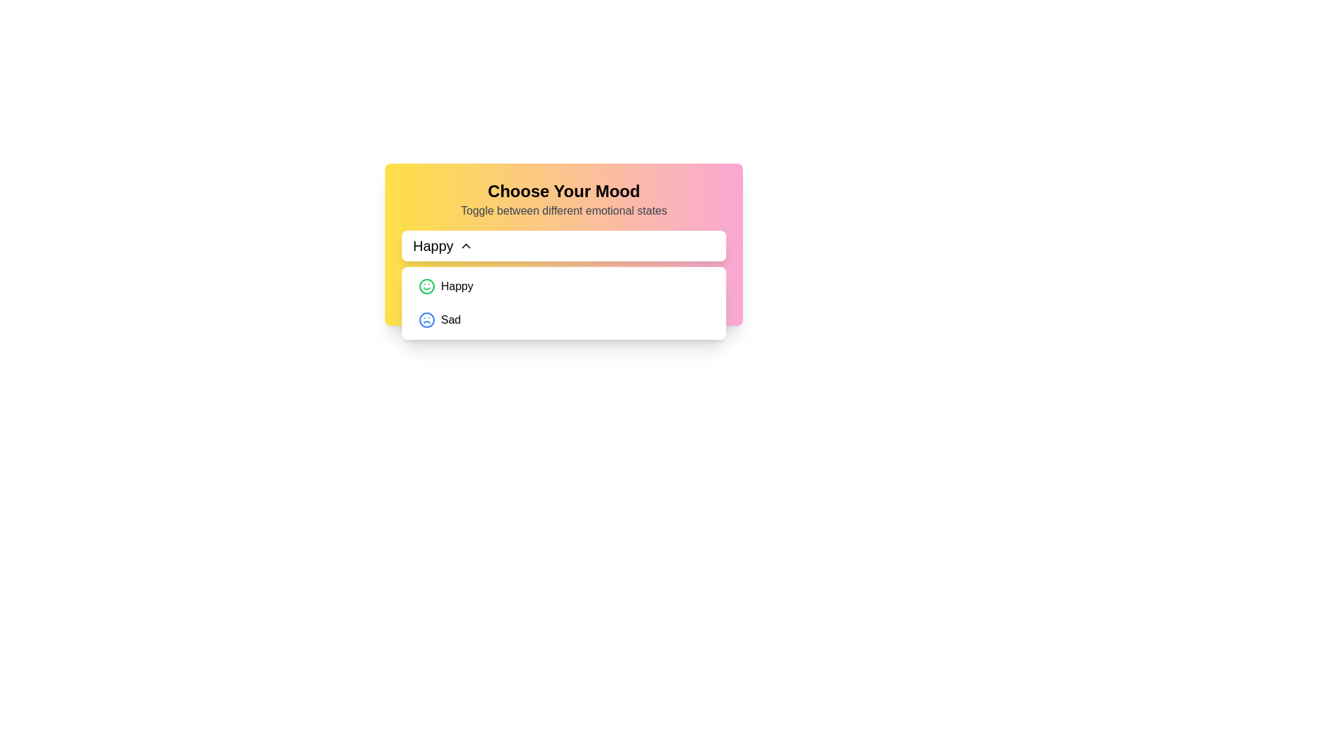 Image resolution: width=1342 pixels, height=755 pixels. What do you see at coordinates (563, 285) in the screenshot?
I see `the first selectable list item labeled 'Happy' in the 'Choose Your Mood' dropdown menu` at bounding box center [563, 285].